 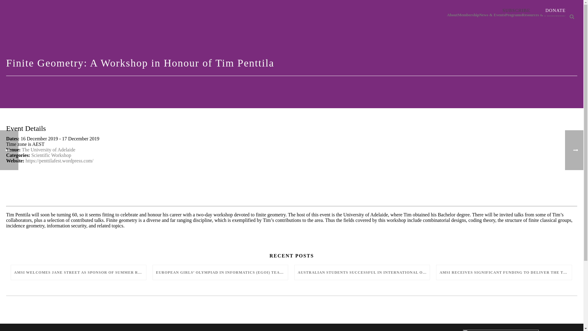 I want to click on 'Membership', so click(x=468, y=15).